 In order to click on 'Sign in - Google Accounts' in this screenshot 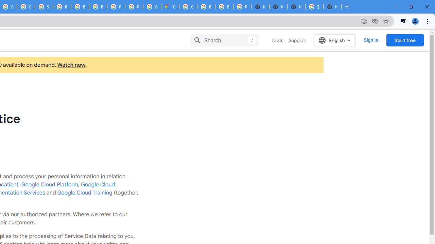, I will do `click(43, 7)`.